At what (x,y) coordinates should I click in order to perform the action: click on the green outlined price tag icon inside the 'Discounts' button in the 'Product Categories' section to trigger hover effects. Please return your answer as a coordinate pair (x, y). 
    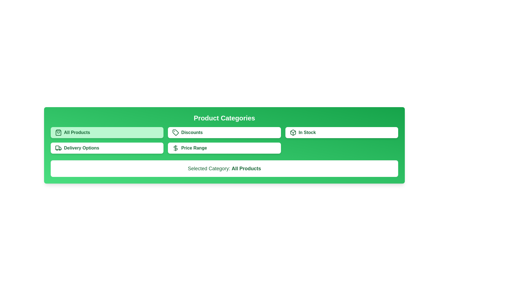
    Looking at the image, I should click on (175, 132).